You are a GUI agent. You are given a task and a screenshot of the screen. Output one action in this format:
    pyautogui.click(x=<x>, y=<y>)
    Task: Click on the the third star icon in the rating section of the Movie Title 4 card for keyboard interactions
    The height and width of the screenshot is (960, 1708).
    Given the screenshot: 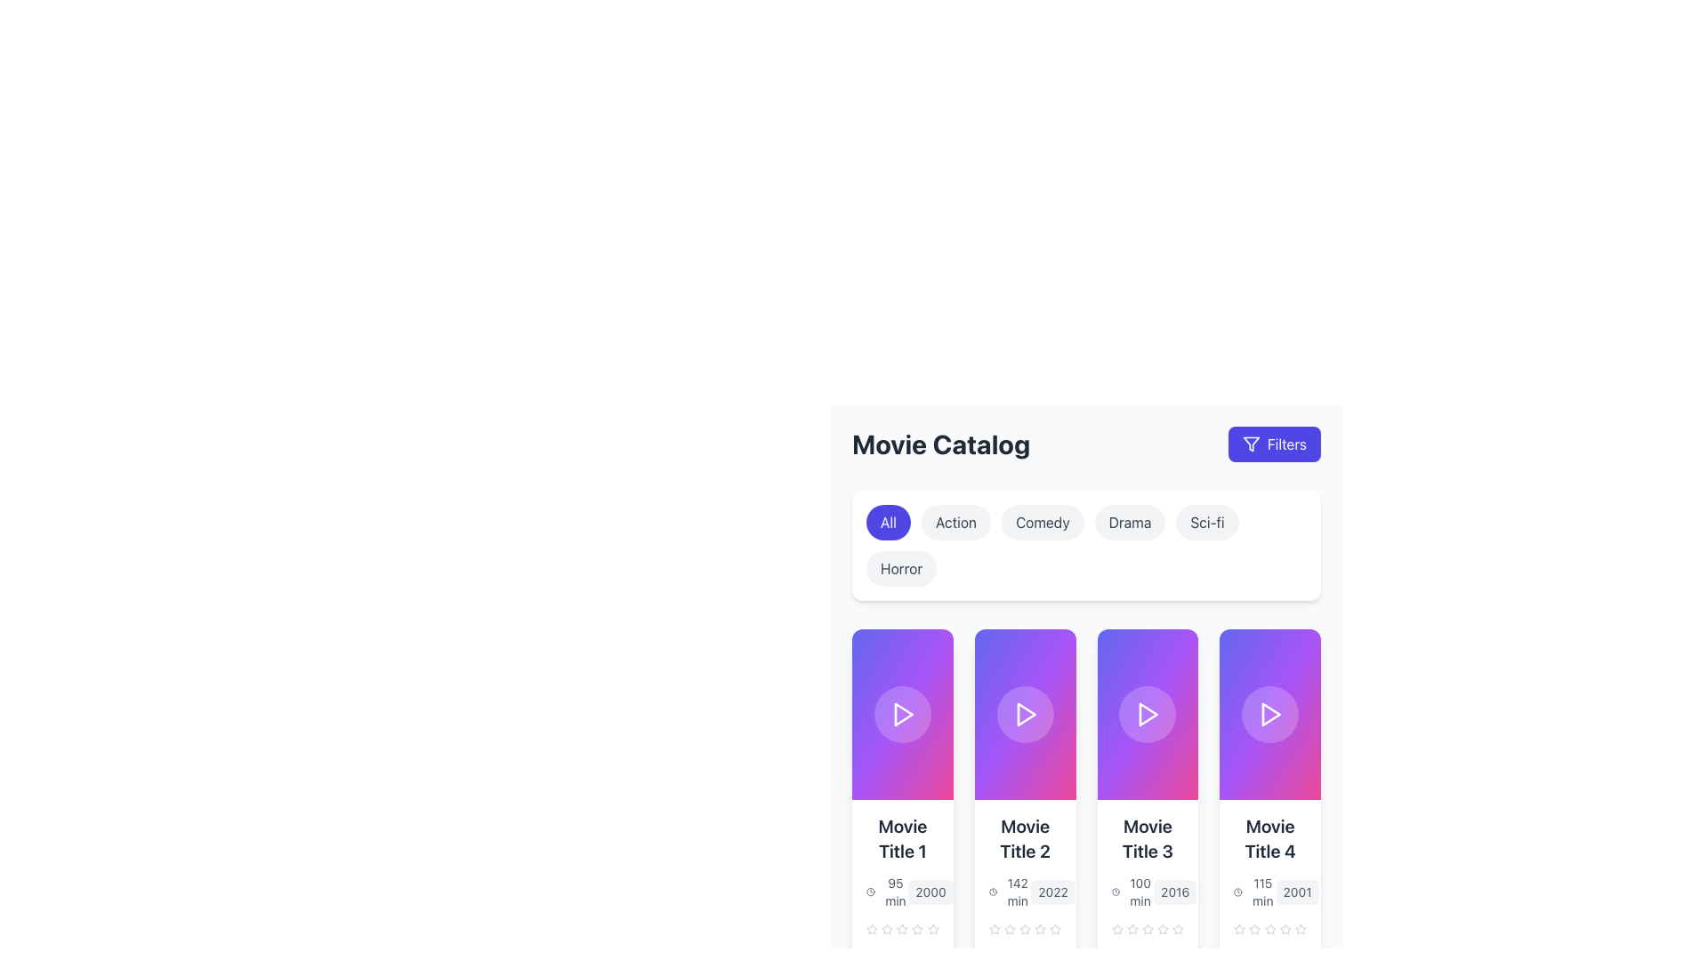 What is the action you would take?
    pyautogui.click(x=1269, y=928)
    